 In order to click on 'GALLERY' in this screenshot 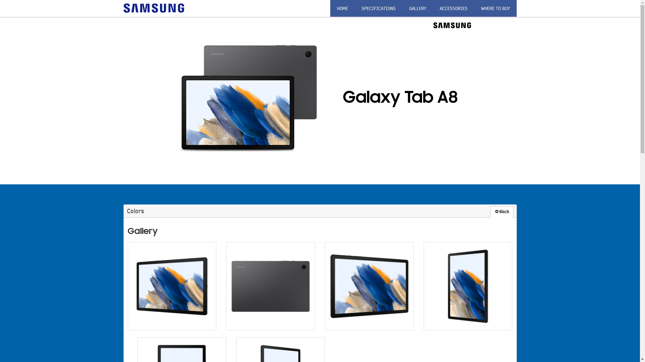, I will do `click(417, 8)`.